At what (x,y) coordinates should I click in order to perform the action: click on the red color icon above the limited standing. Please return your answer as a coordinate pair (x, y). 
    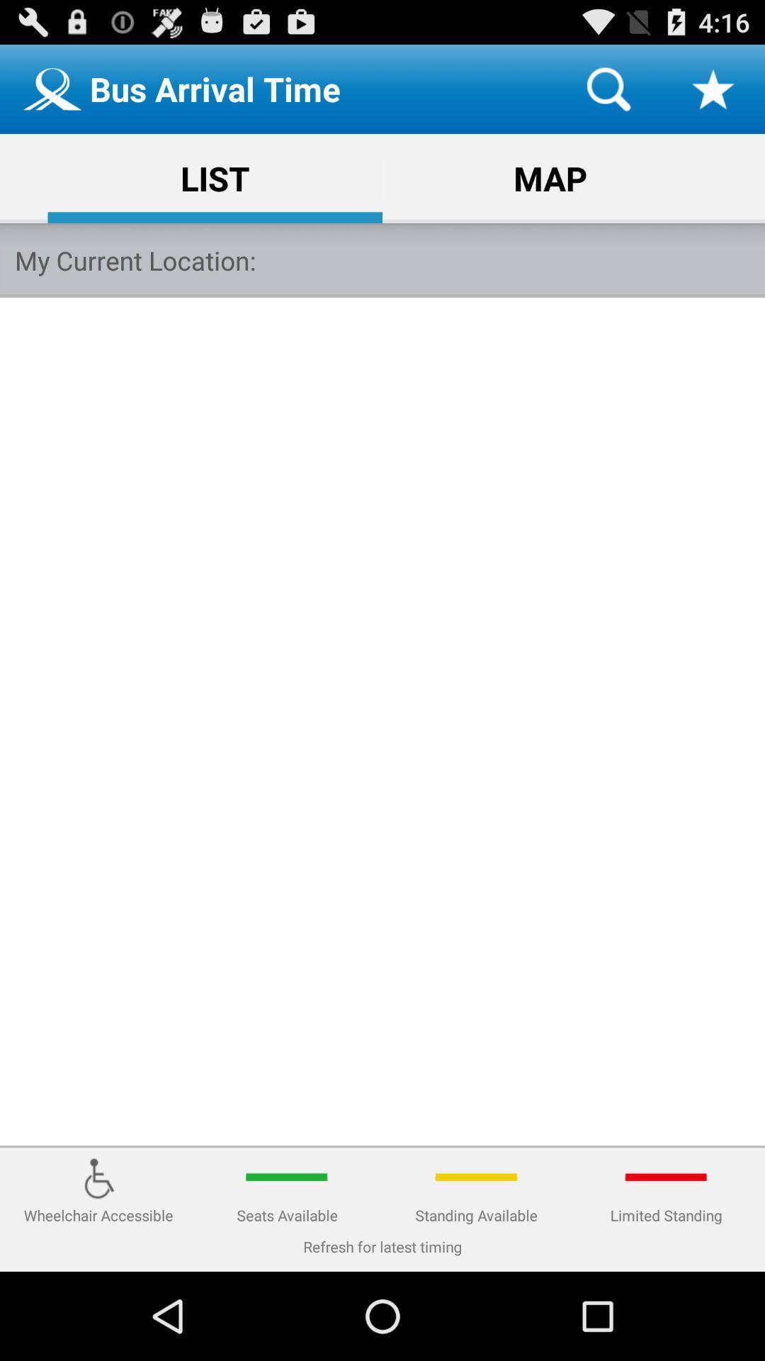
    Looking at the image, I should click on (667, 1177).